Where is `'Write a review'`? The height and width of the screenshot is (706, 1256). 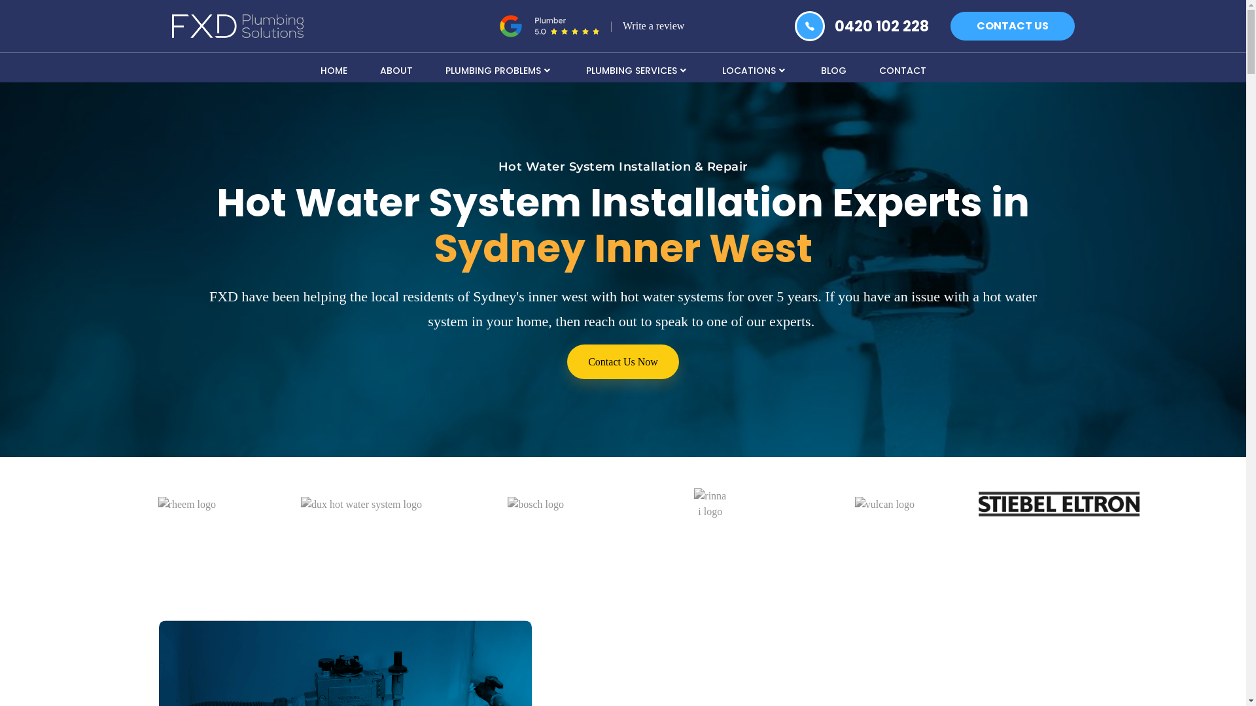
'Write a review' is located at coordinates (653, 25).